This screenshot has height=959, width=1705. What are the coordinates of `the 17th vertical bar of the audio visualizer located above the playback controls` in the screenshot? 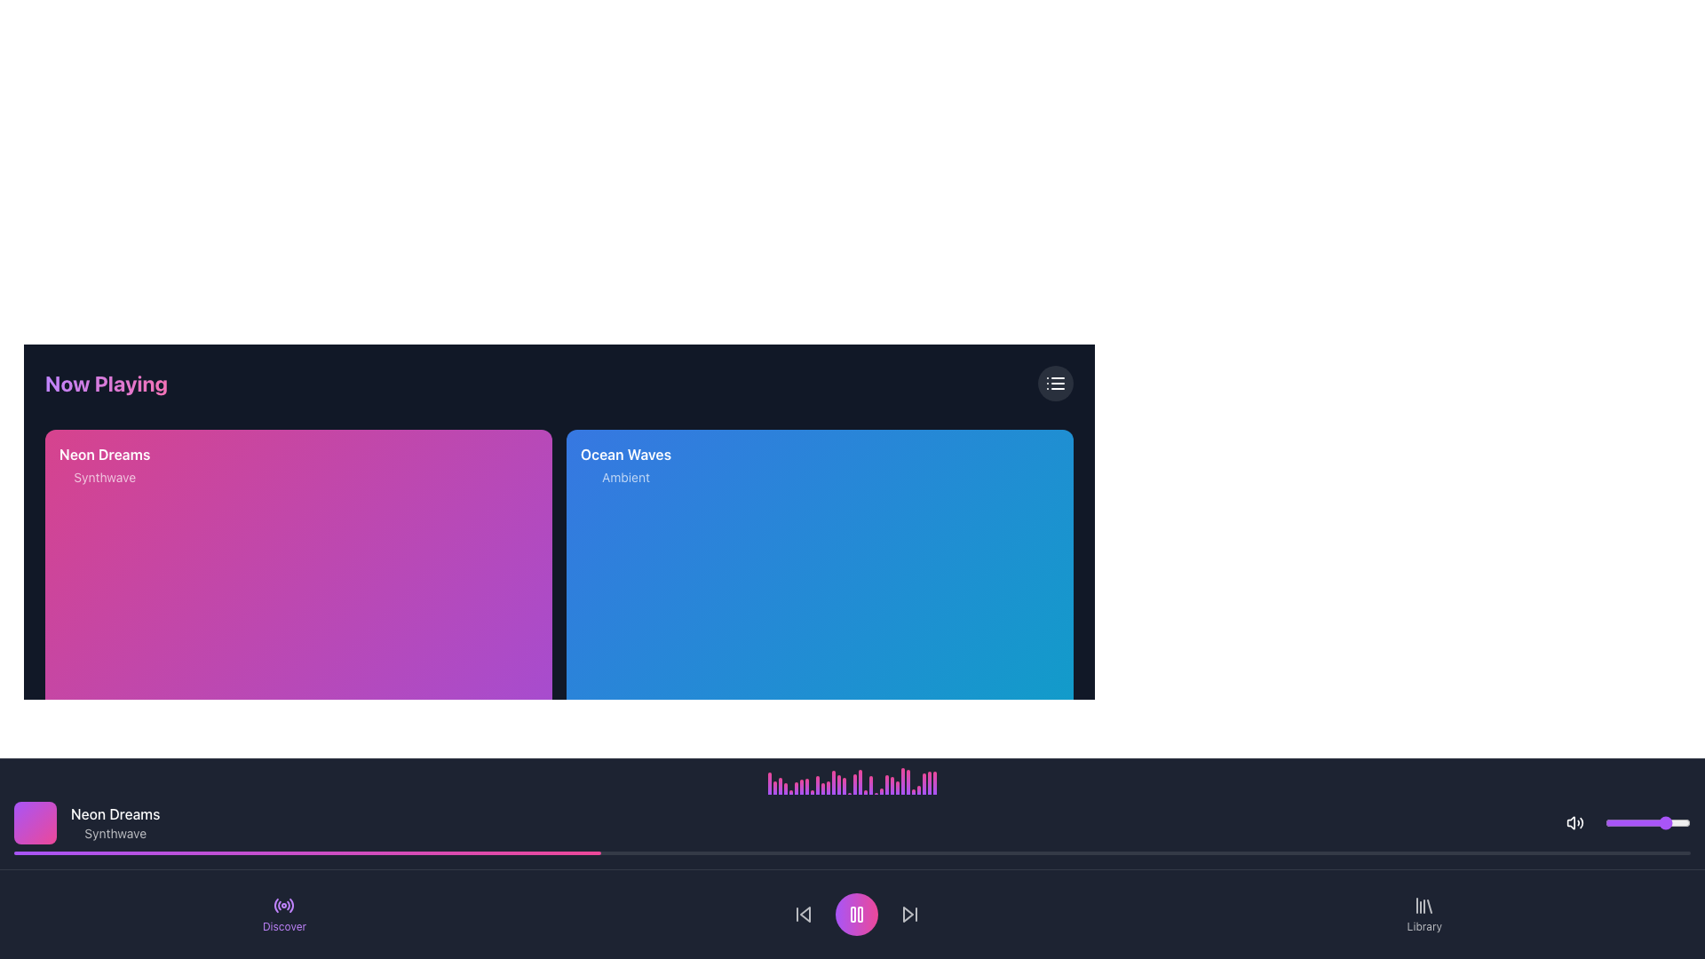 It's located at (855, 780).